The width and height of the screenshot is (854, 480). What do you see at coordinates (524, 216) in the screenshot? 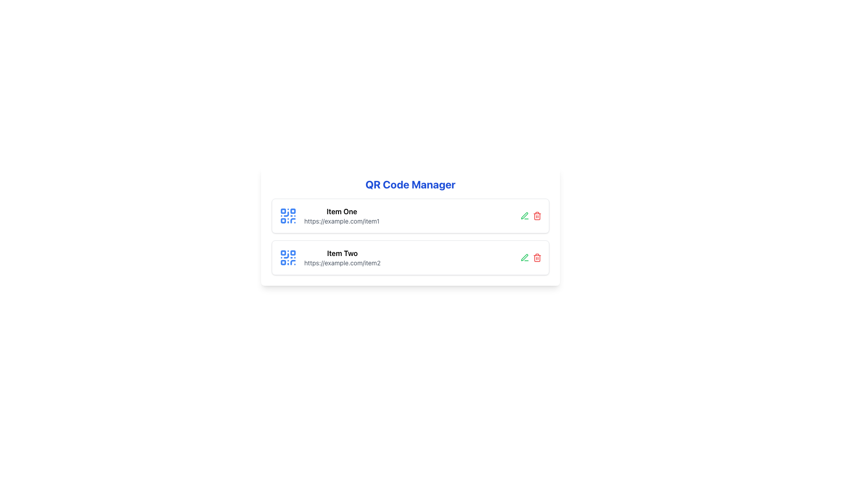
I see `the green pen icon next to 'Item Two'` at bounding box center [524, 216].